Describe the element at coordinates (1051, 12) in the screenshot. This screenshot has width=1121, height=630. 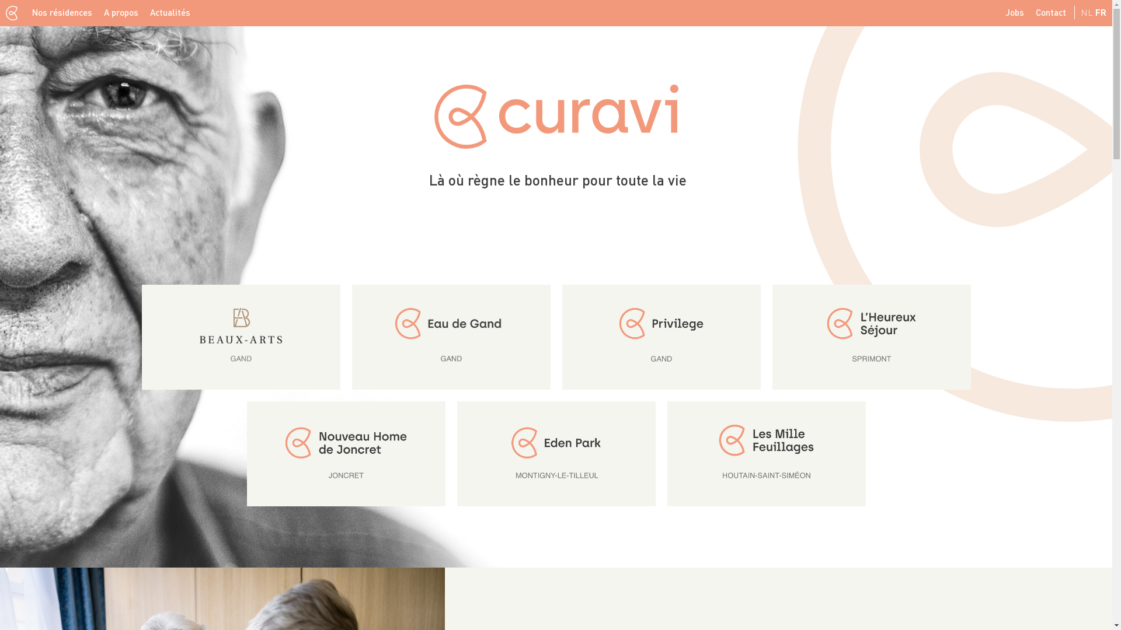
I see `'Contact'` at that location.